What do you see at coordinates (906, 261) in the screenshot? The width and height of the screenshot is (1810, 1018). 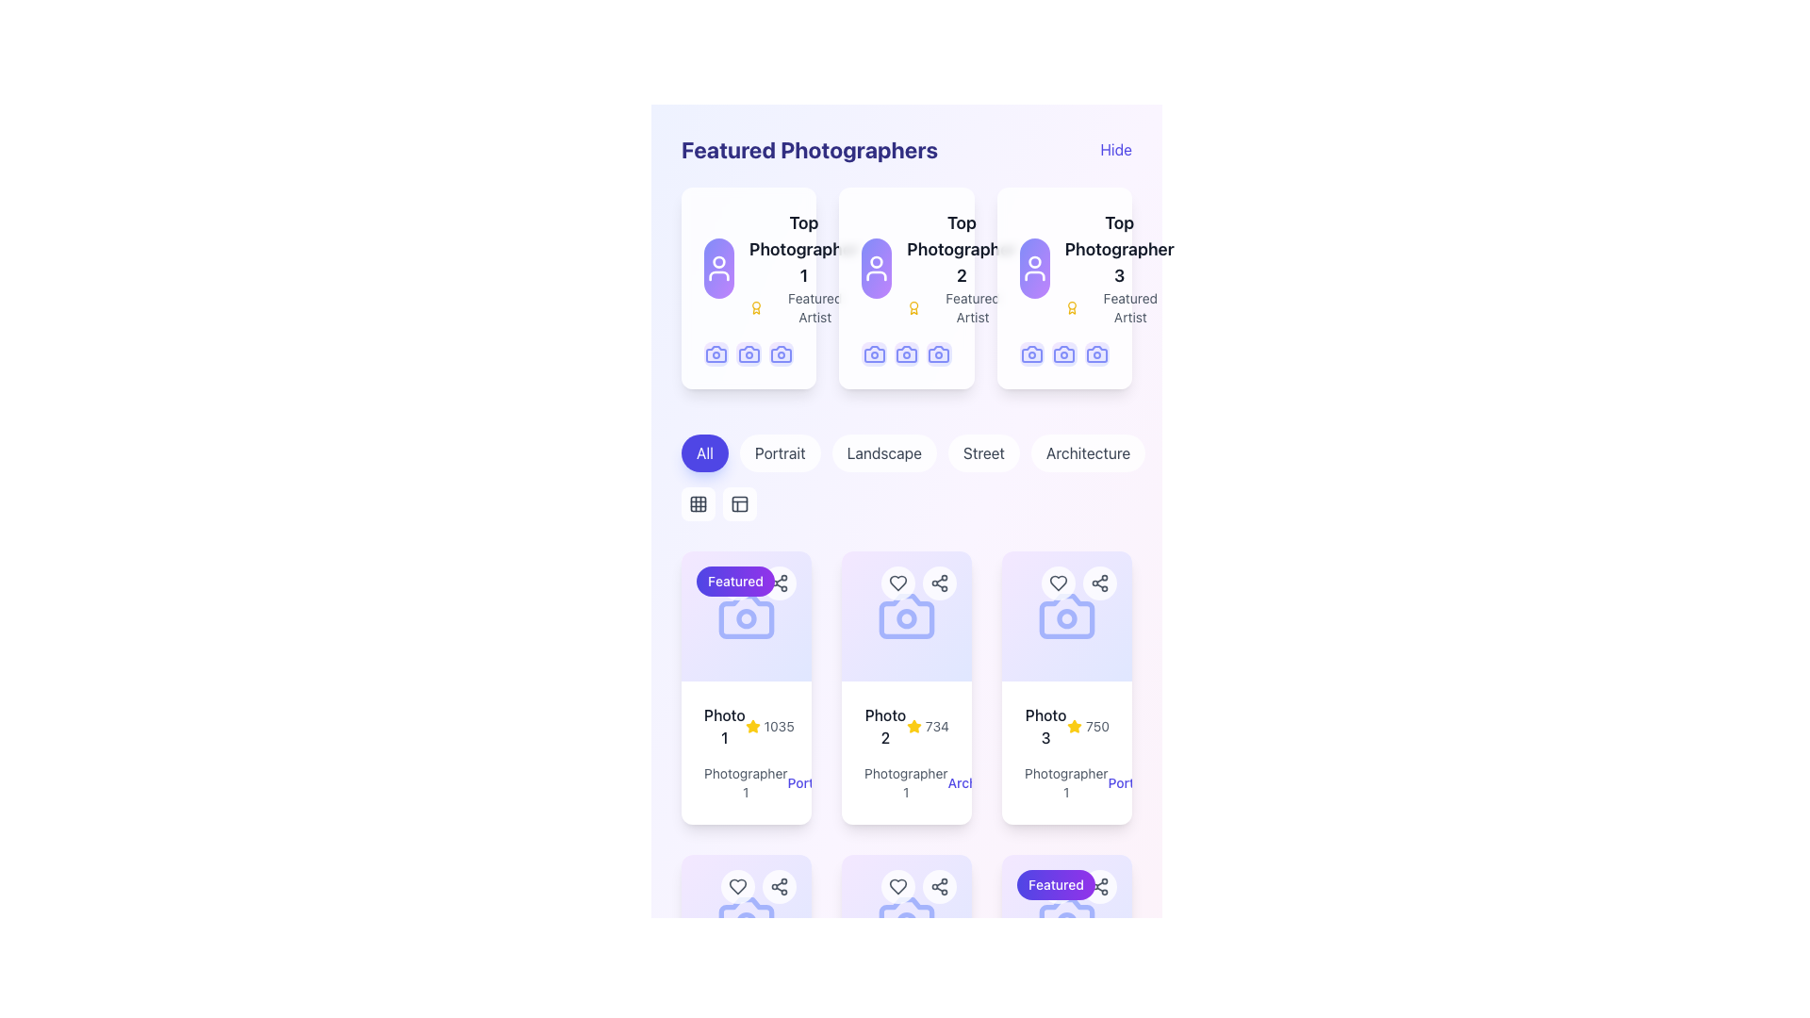 I see `the second card in the list of featured photographers` at bounding box center [906, 261].